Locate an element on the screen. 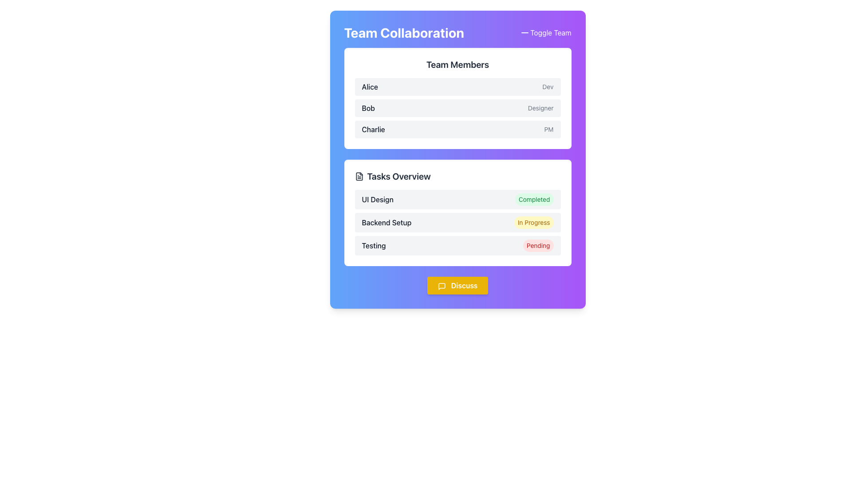 Image resolution: width=852 pixels, height=479 pixels. the A status indicator row that signifies the completion status of the task labeled 'UI Design', which is the first item in the 'Tasks Overview' section is located at coordinates (458, 200).